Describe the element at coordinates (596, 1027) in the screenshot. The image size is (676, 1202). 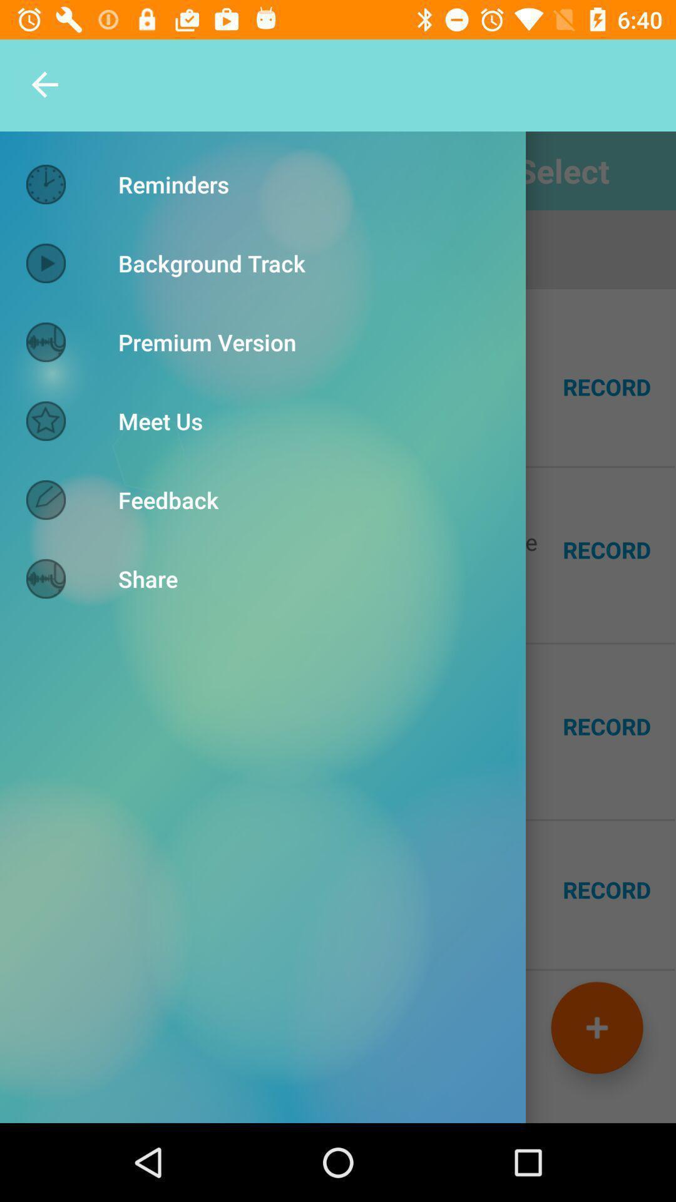
I see `the add icon` at that location.